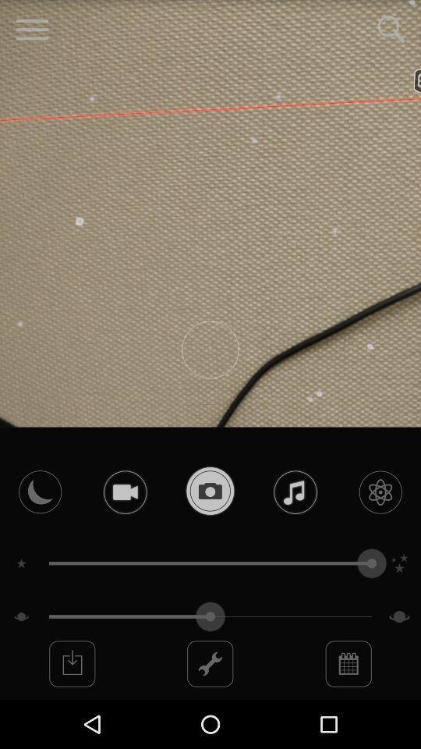 The height and width of the screenshot is (749, 421). What do you see at coordinates (210, 525) in the screenshot?
I see `the photo icon` at bounding box center [210, 525].